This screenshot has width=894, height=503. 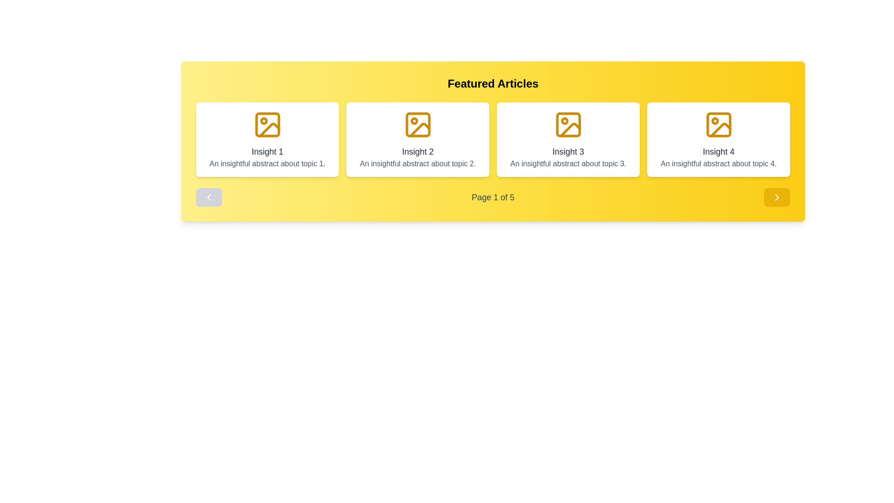 I want to click on the rightward-pointing triangular 'next' icon located within a button structure adjacent to the fourth content card, so click(x=777, y=197).